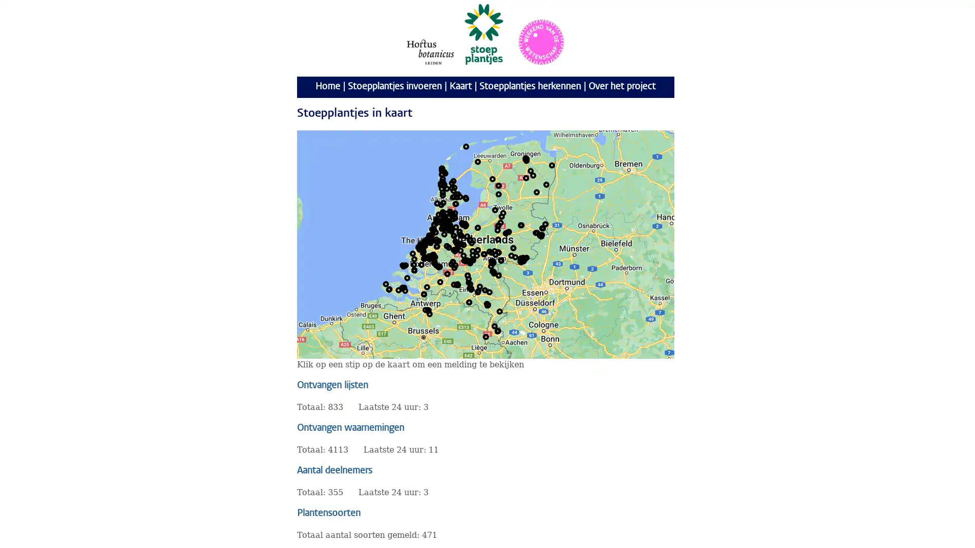 The image size is (975, 548). Describe the element at coordinates (414, 269) in the screenshot. I see `Telling van Aneglica op 31 mei 2022` at that location.